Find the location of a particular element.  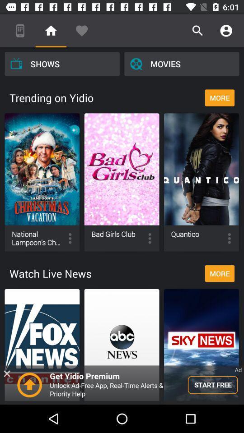

item below more is located at coordinates (122, 384).